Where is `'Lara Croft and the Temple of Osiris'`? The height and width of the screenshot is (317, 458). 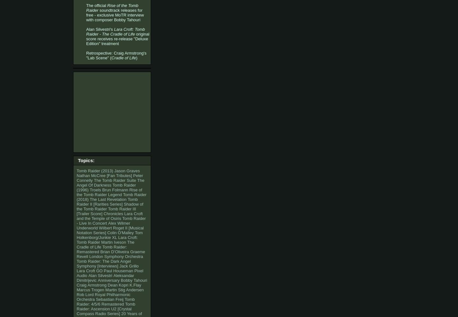
'Lara Croft and the Temple of Osiris' is located at coordinates (109, 216).